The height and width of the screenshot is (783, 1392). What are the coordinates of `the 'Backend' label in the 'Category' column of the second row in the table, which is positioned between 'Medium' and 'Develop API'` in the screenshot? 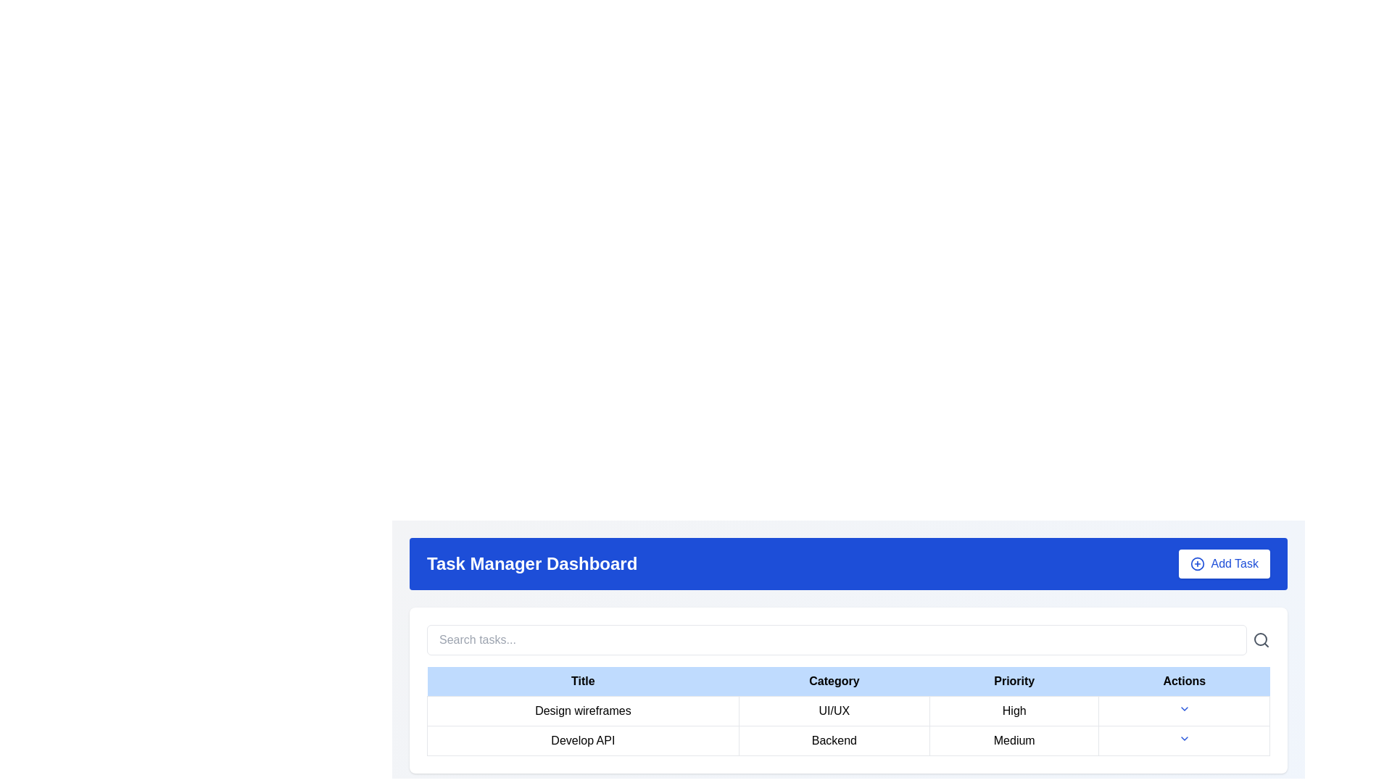 It's located at (848, 741).